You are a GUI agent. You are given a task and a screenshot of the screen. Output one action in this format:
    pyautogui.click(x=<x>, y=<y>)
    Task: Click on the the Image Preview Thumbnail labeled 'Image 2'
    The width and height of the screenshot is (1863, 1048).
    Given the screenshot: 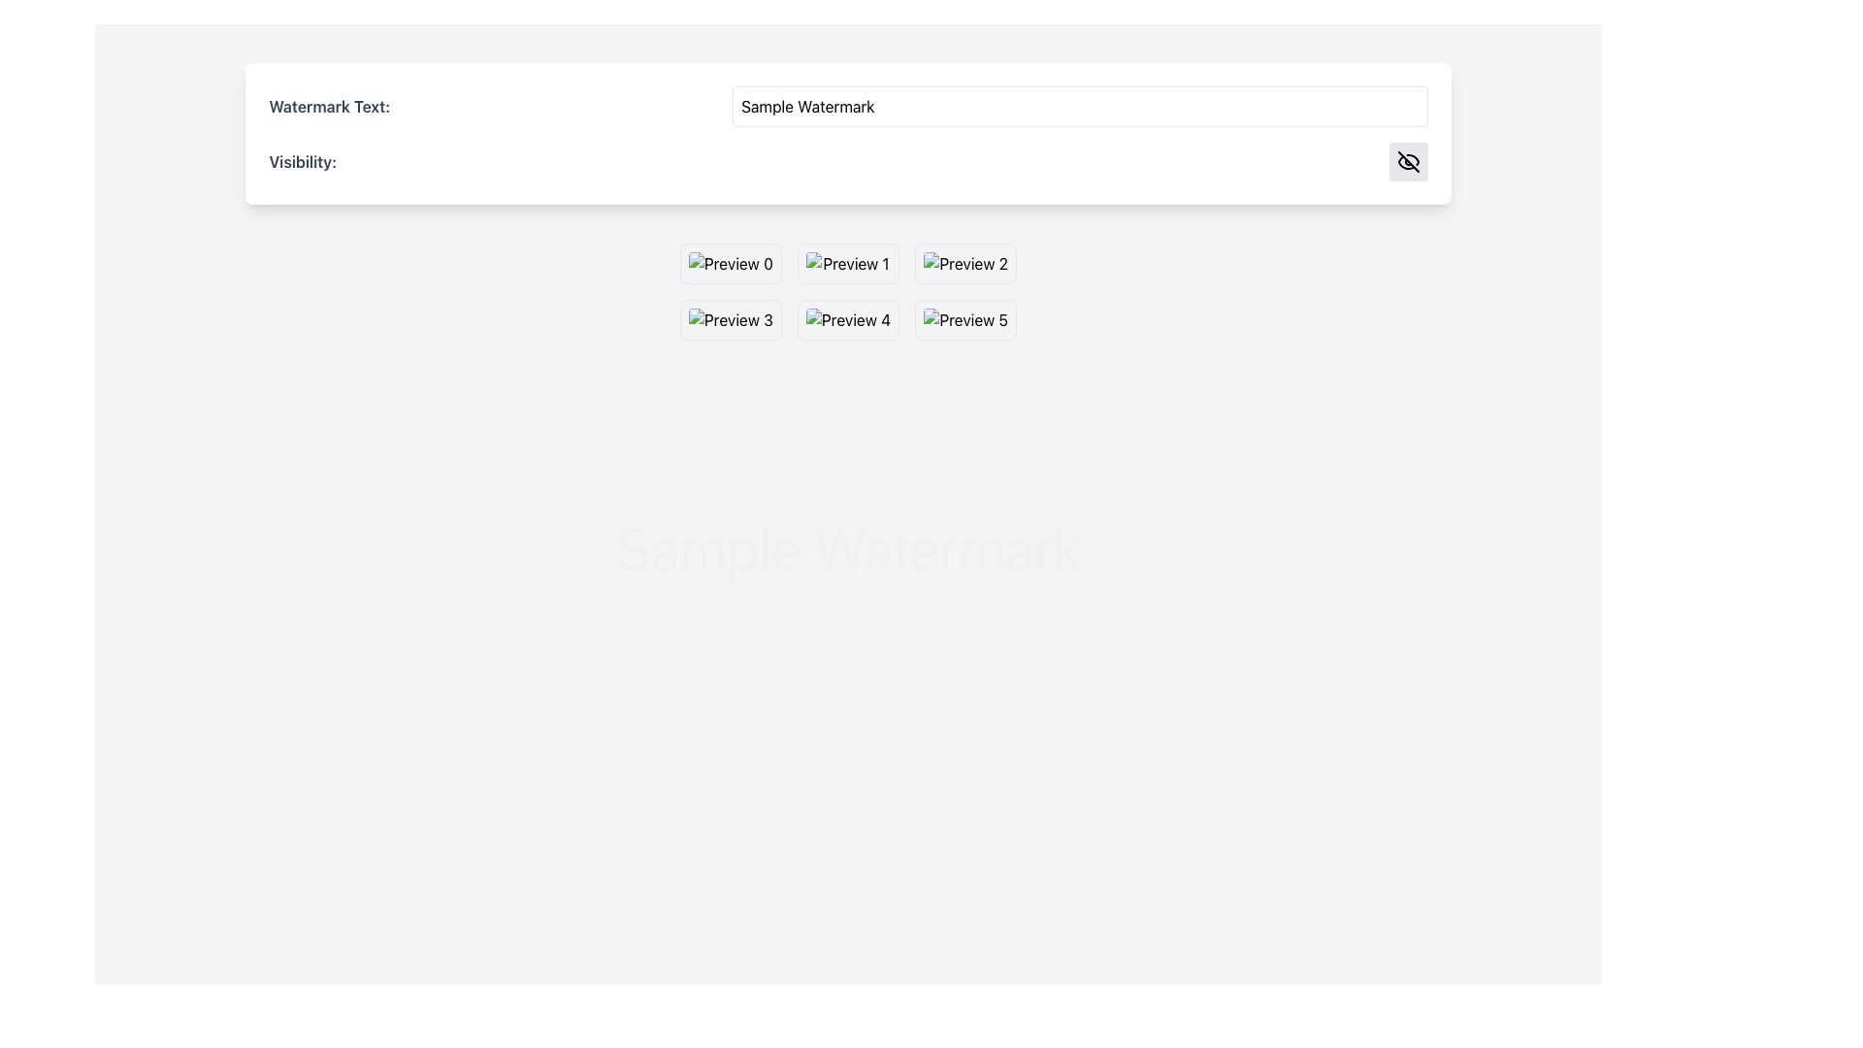 What is the action you would take?
    pyautogui.click(x=848, y=264)
    